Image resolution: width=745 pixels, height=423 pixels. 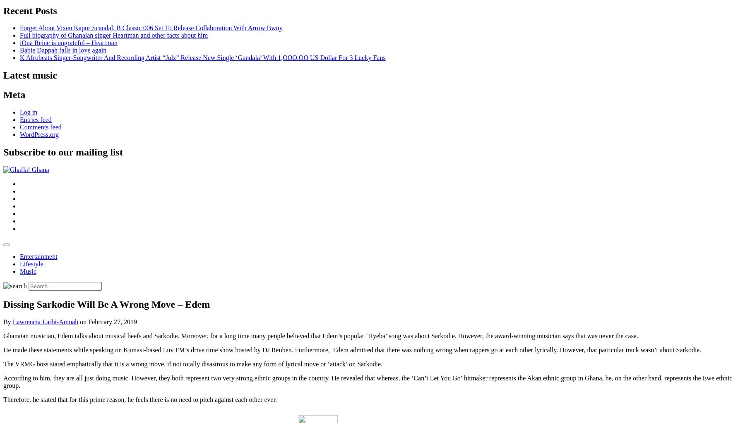 I want to click on 'Forget About Vixen Kapur Scandal, B Classic 006 Set To Release Collaboration With Arrow Bwoy', so click(x=151, y=27).